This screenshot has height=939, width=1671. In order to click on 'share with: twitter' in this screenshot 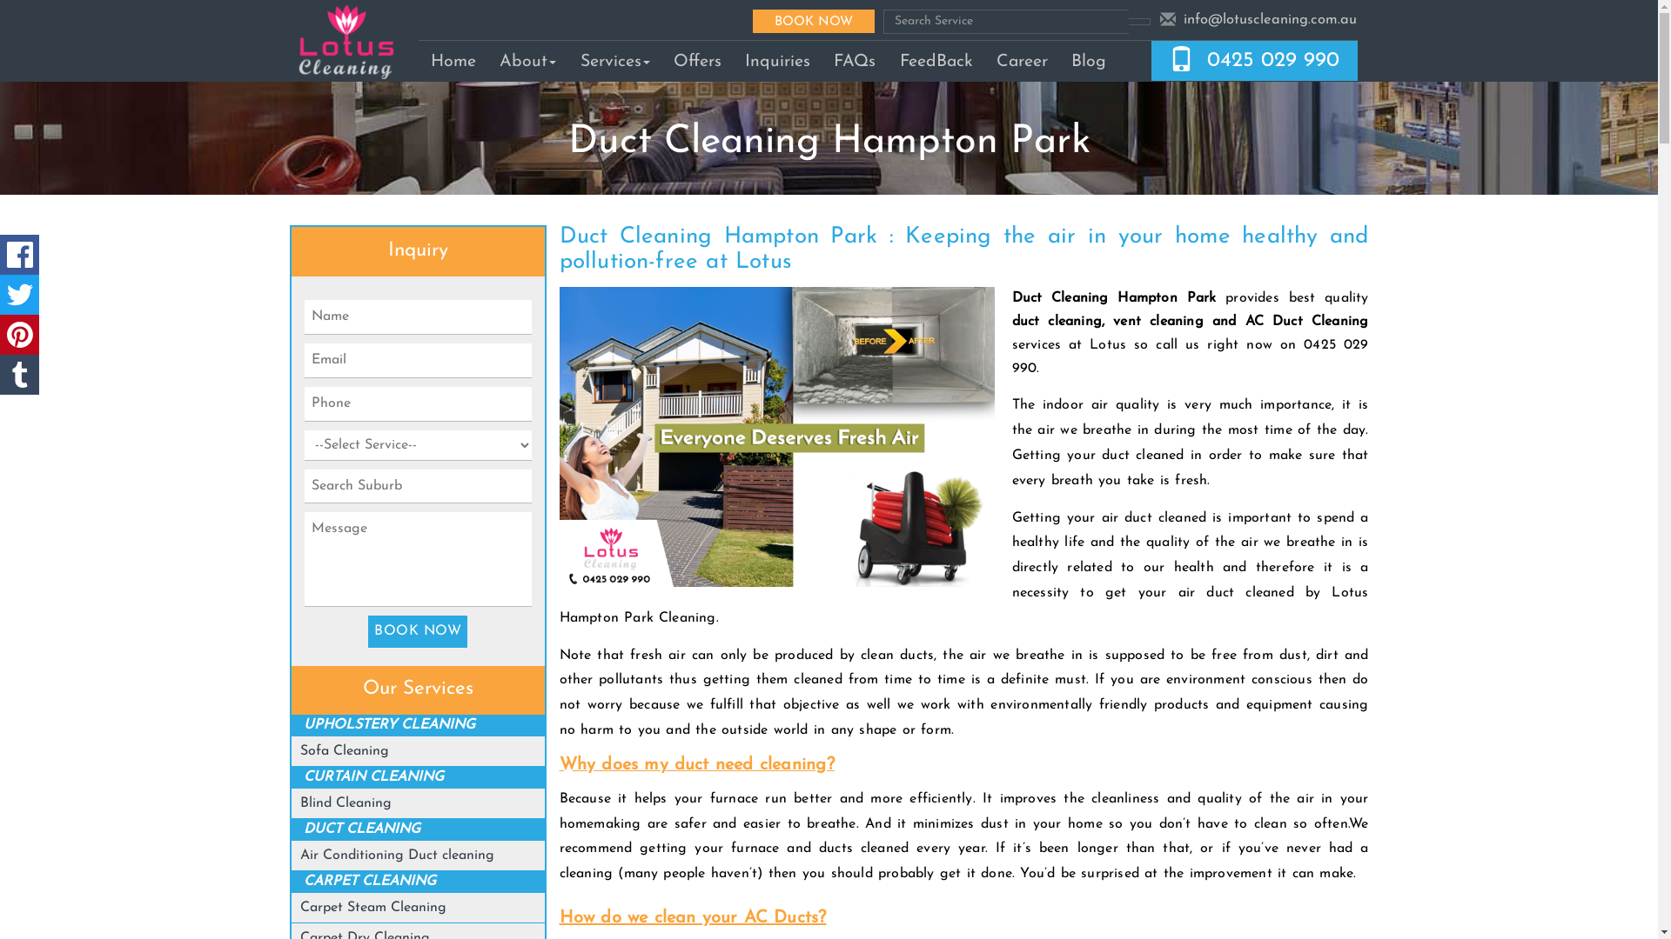, I will do `click(19, 294)`.